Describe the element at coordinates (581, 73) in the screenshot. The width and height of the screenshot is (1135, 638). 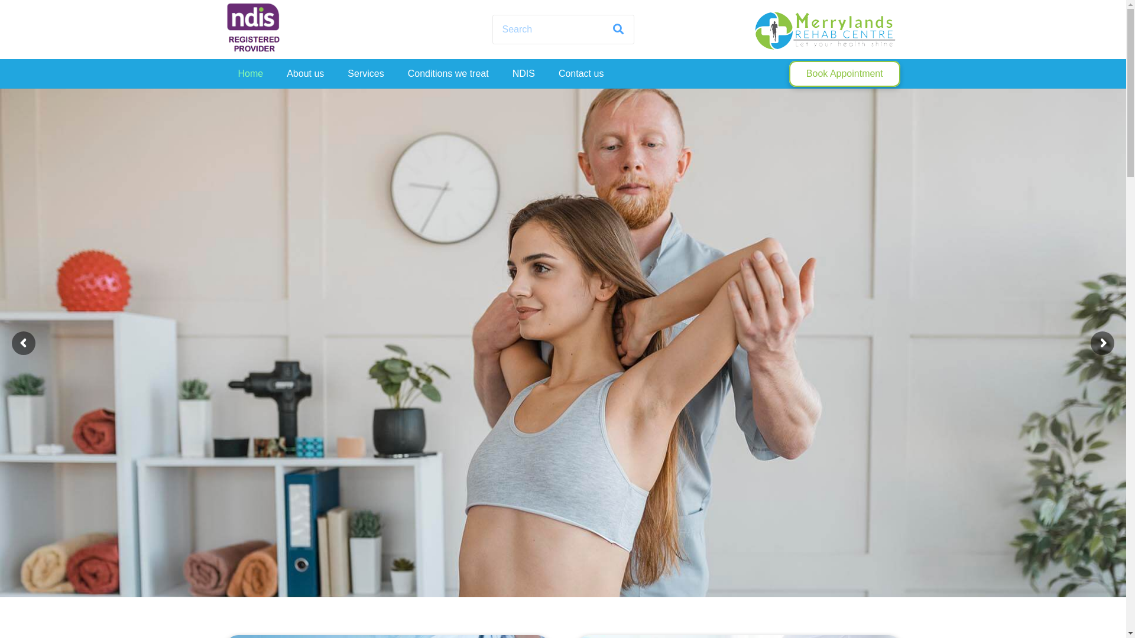
I see `'Contact us'` at that location.